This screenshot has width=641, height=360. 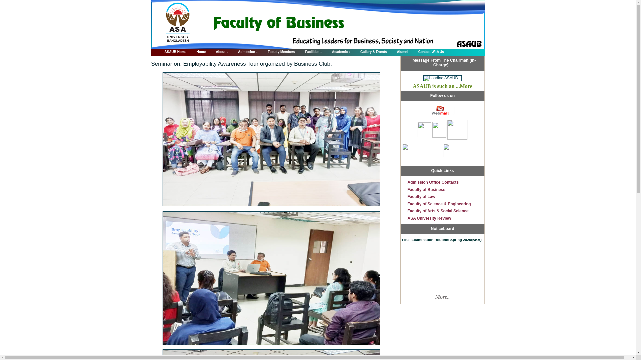 I want to click on 'Faculty of Business', so click(x=426, y=190).